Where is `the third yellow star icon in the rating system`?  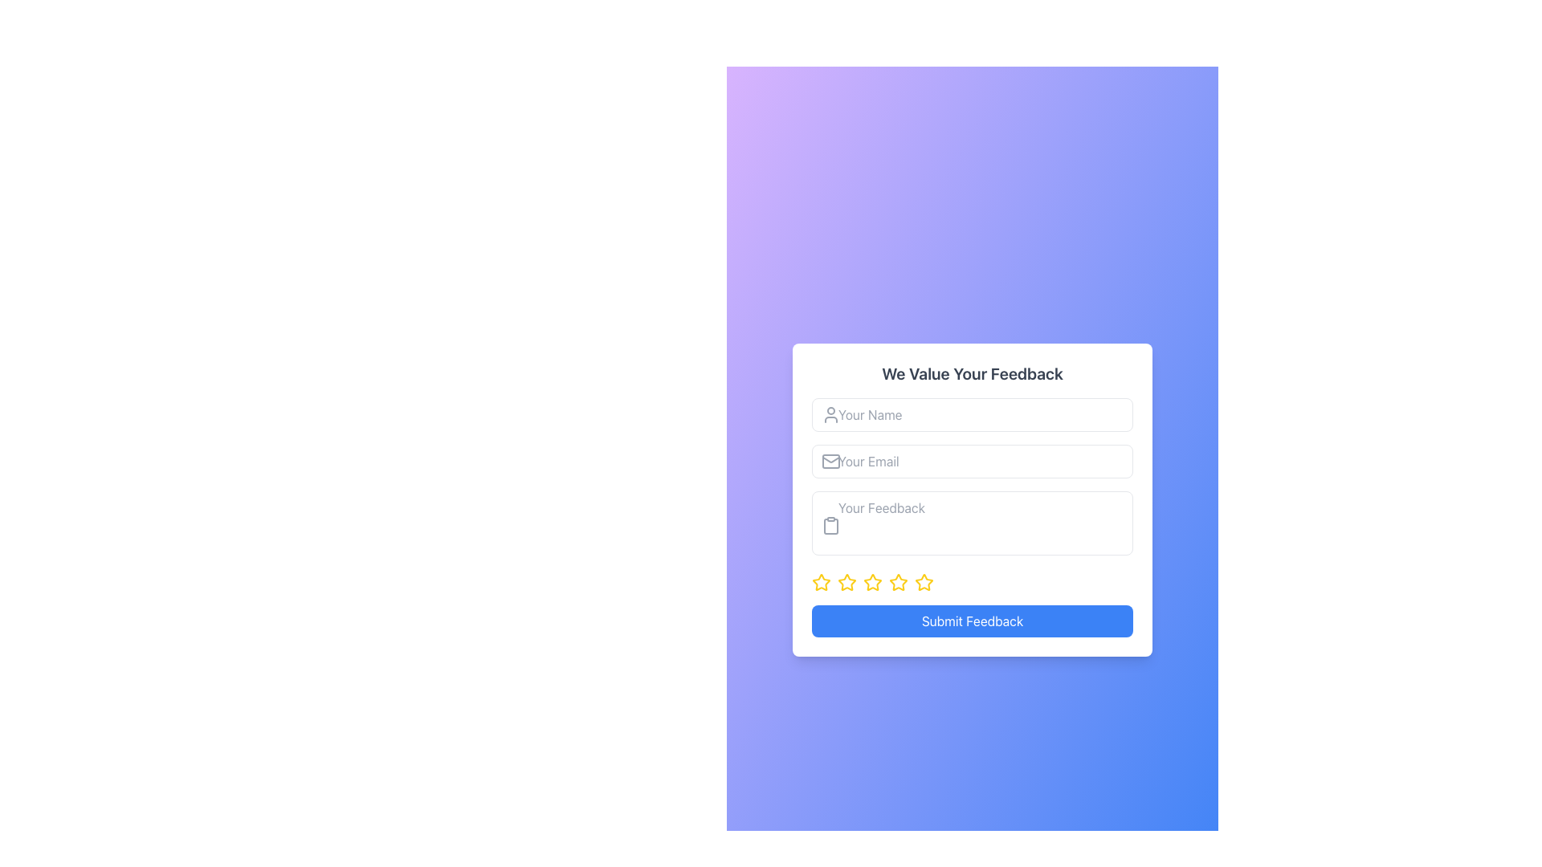 the third yellow star icon in the rating system is located at coordinates (846, 582).